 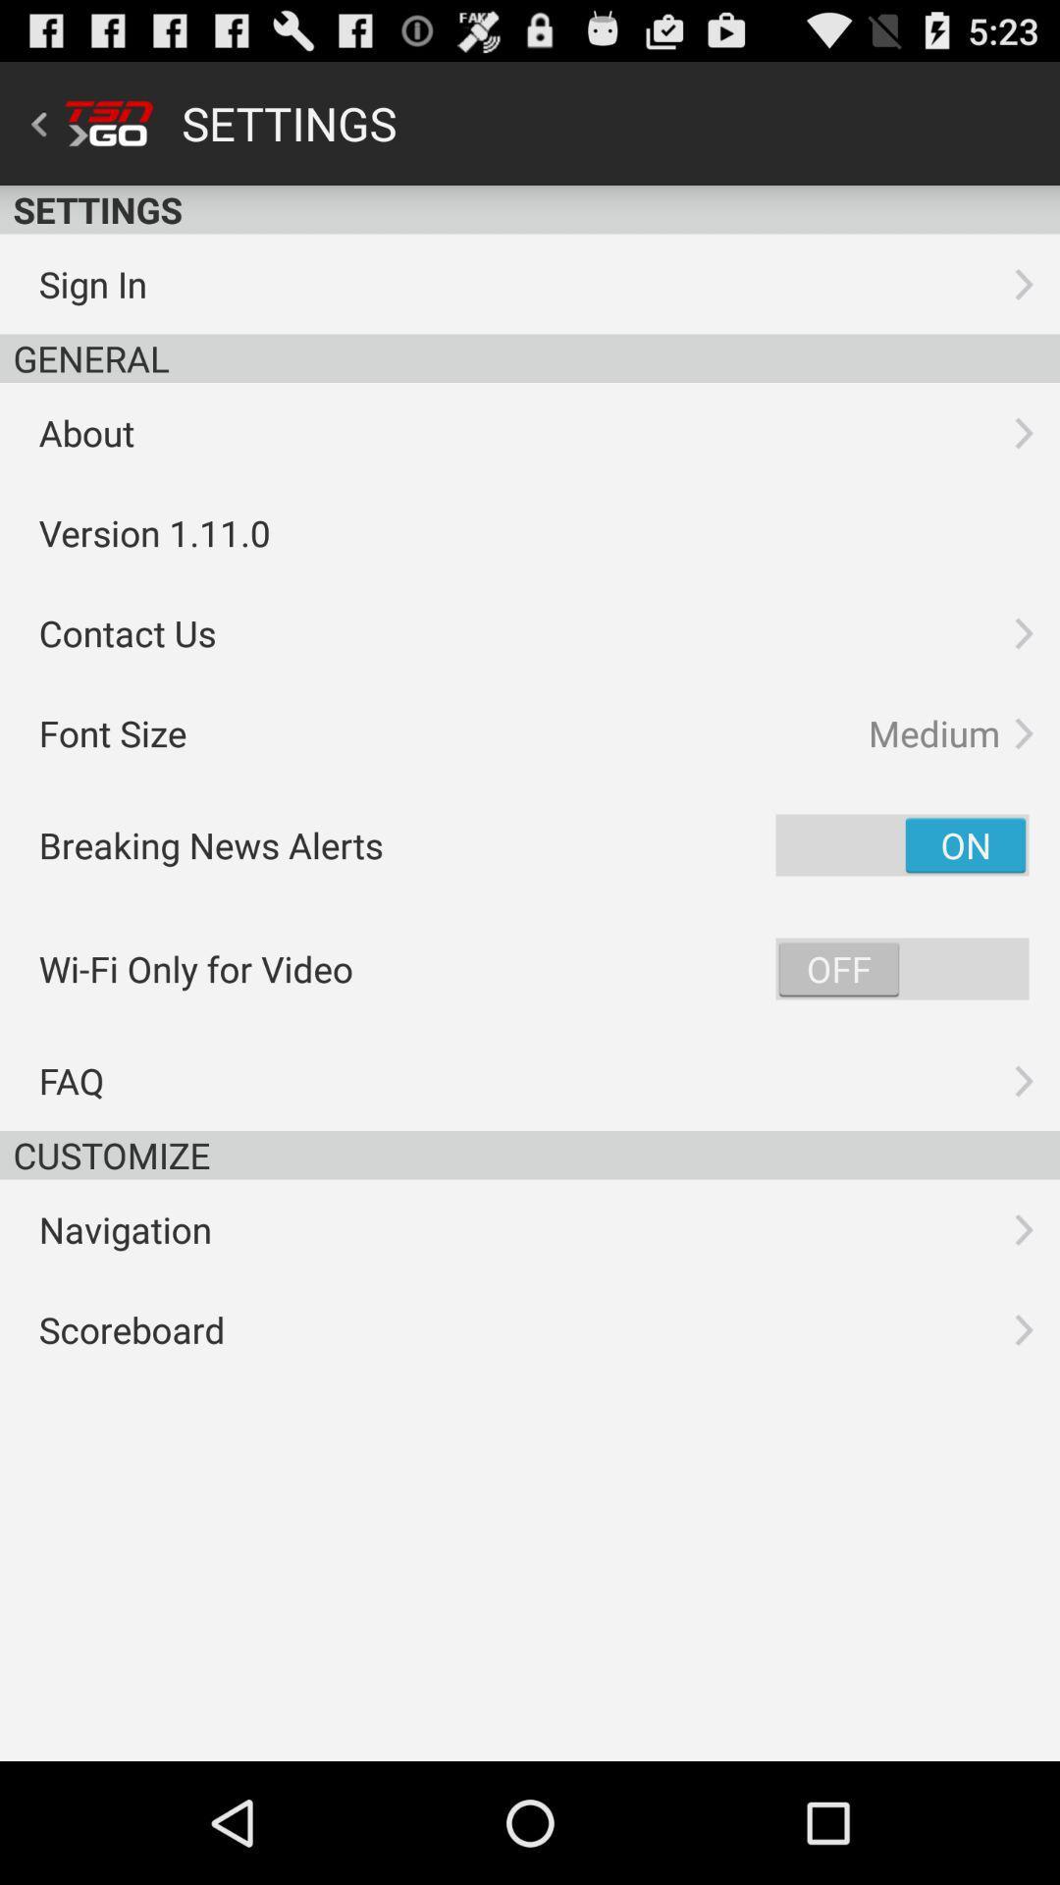 What do you see at coordinates (902, 844) in the screenshot?
I see `breaking news alerts` at bounding box center [902, 844].